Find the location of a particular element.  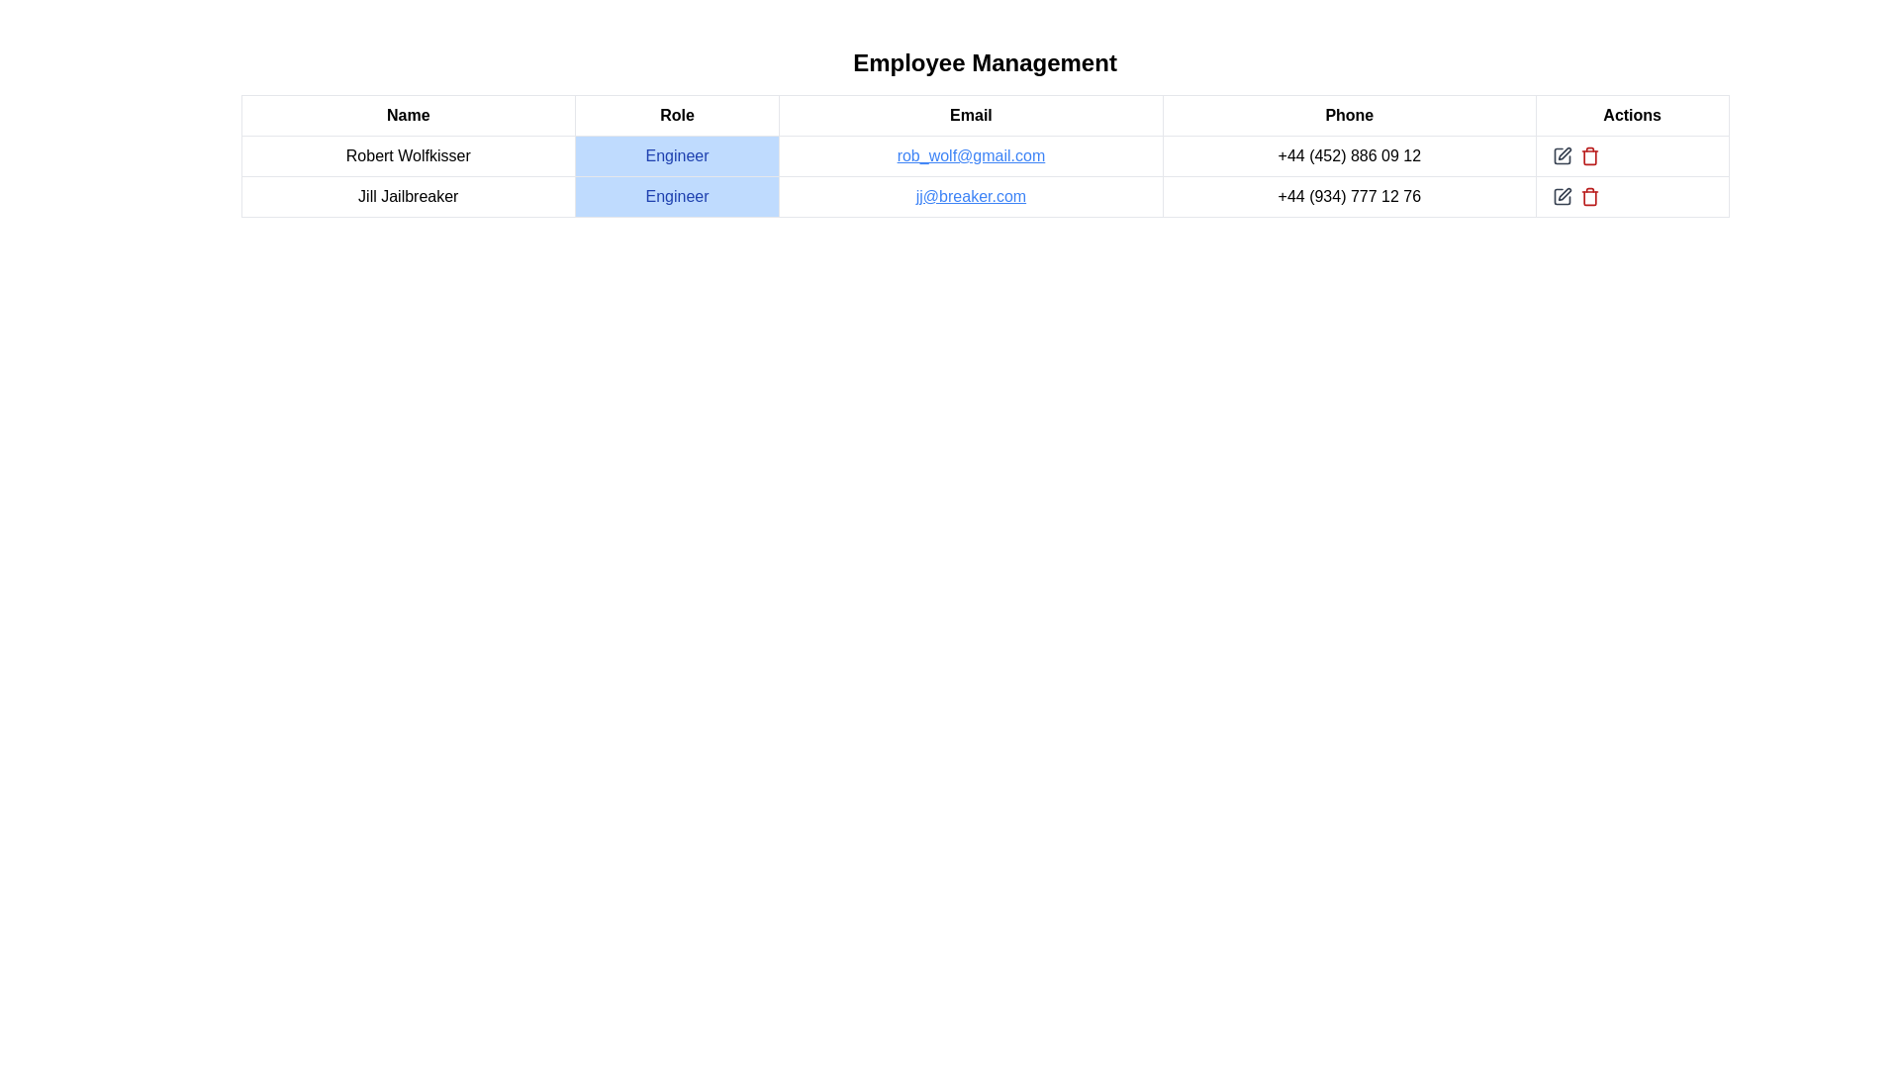

the delete action icon located in the 'Actions' column of the second row in the table is located at coordinates (1589, 156).